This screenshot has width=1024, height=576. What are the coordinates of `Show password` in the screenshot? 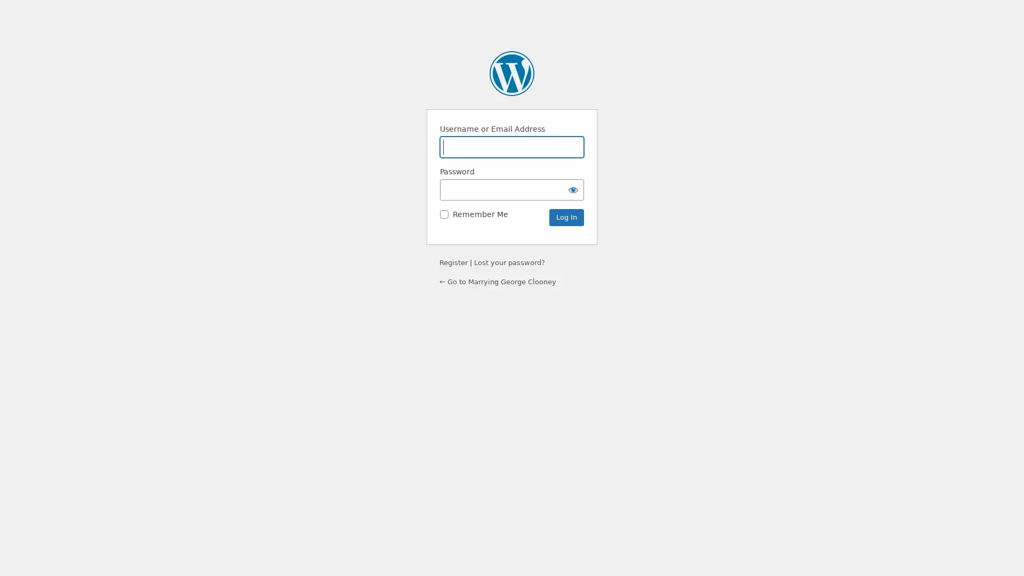 It's located at (573, 189).